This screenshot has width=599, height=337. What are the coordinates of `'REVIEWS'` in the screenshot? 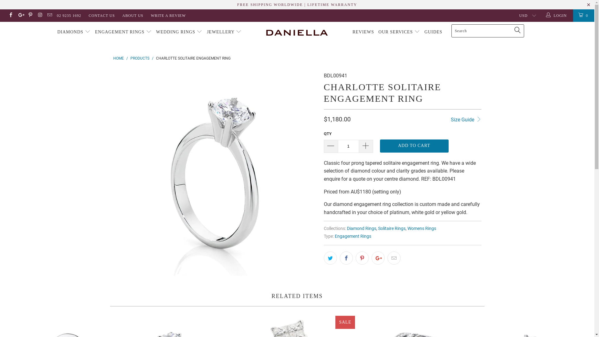 It's located at (363, 32).